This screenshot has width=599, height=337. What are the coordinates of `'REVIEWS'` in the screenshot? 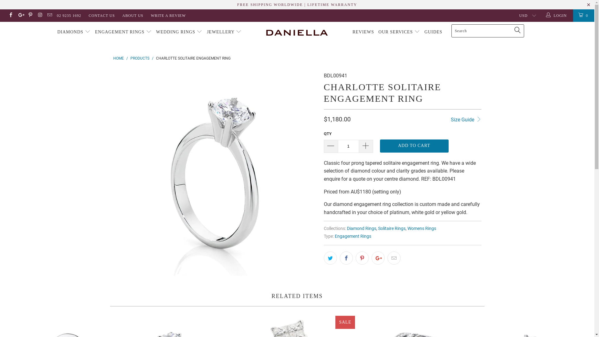 It's located at (363, 32).